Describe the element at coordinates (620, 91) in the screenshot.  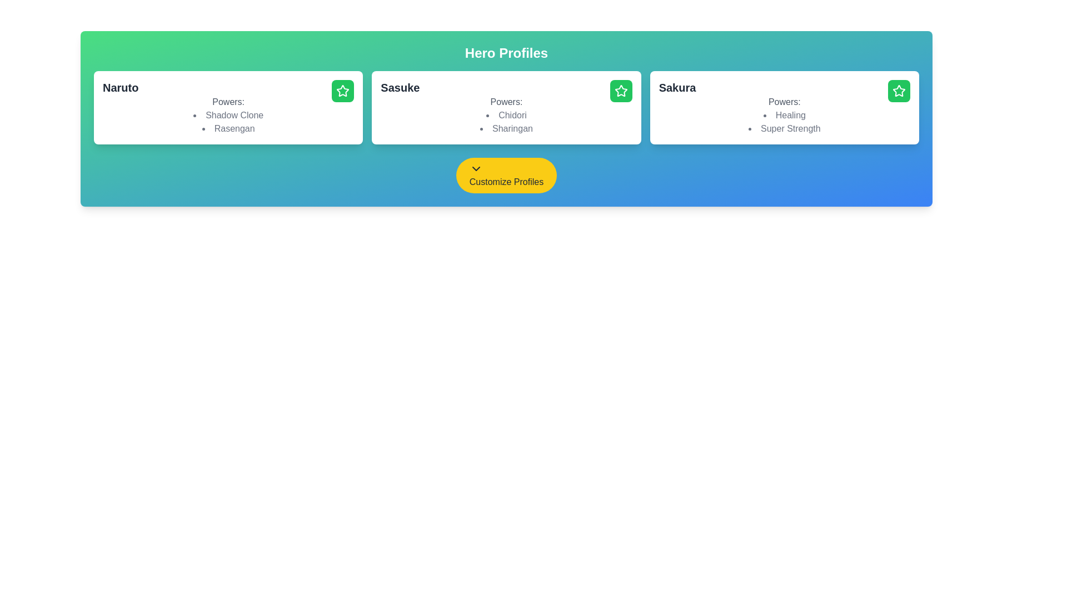
I see `the favorite button located in the top-right corner of the Sasuke profile card, which is above the text 'Powers: Chidori Sharingan'` at that location.